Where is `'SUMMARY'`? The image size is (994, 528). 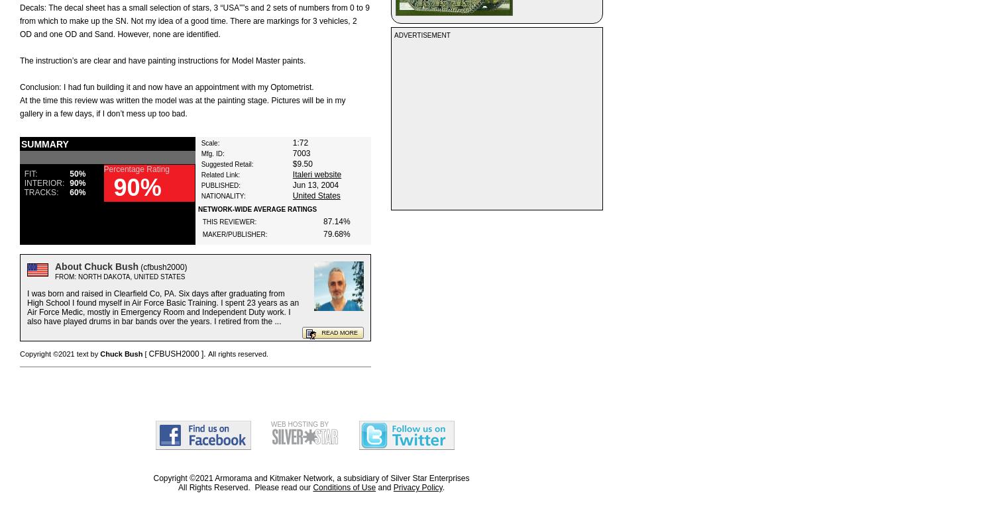
'SUMMARY' is located at coordinates (44, 144).